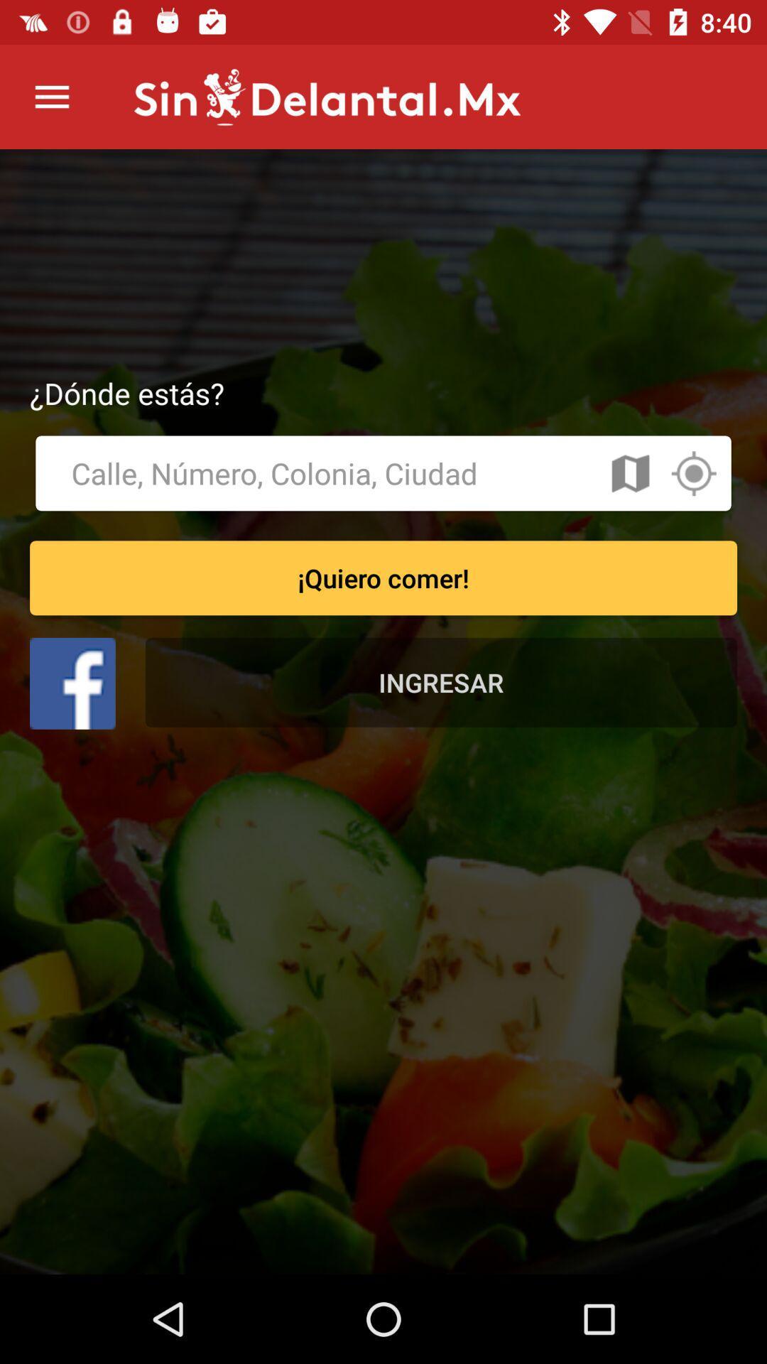  I want to click on sign in with facebook, so click(72, 683).